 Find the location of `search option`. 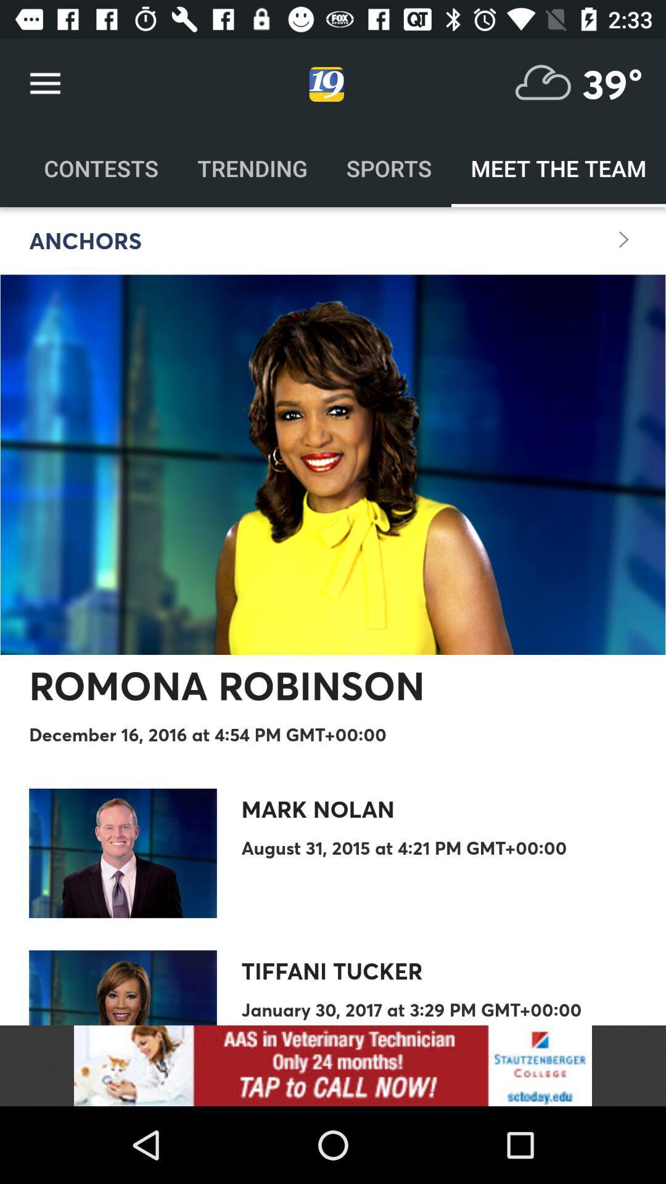

search option is located at coordinates (543, 83).